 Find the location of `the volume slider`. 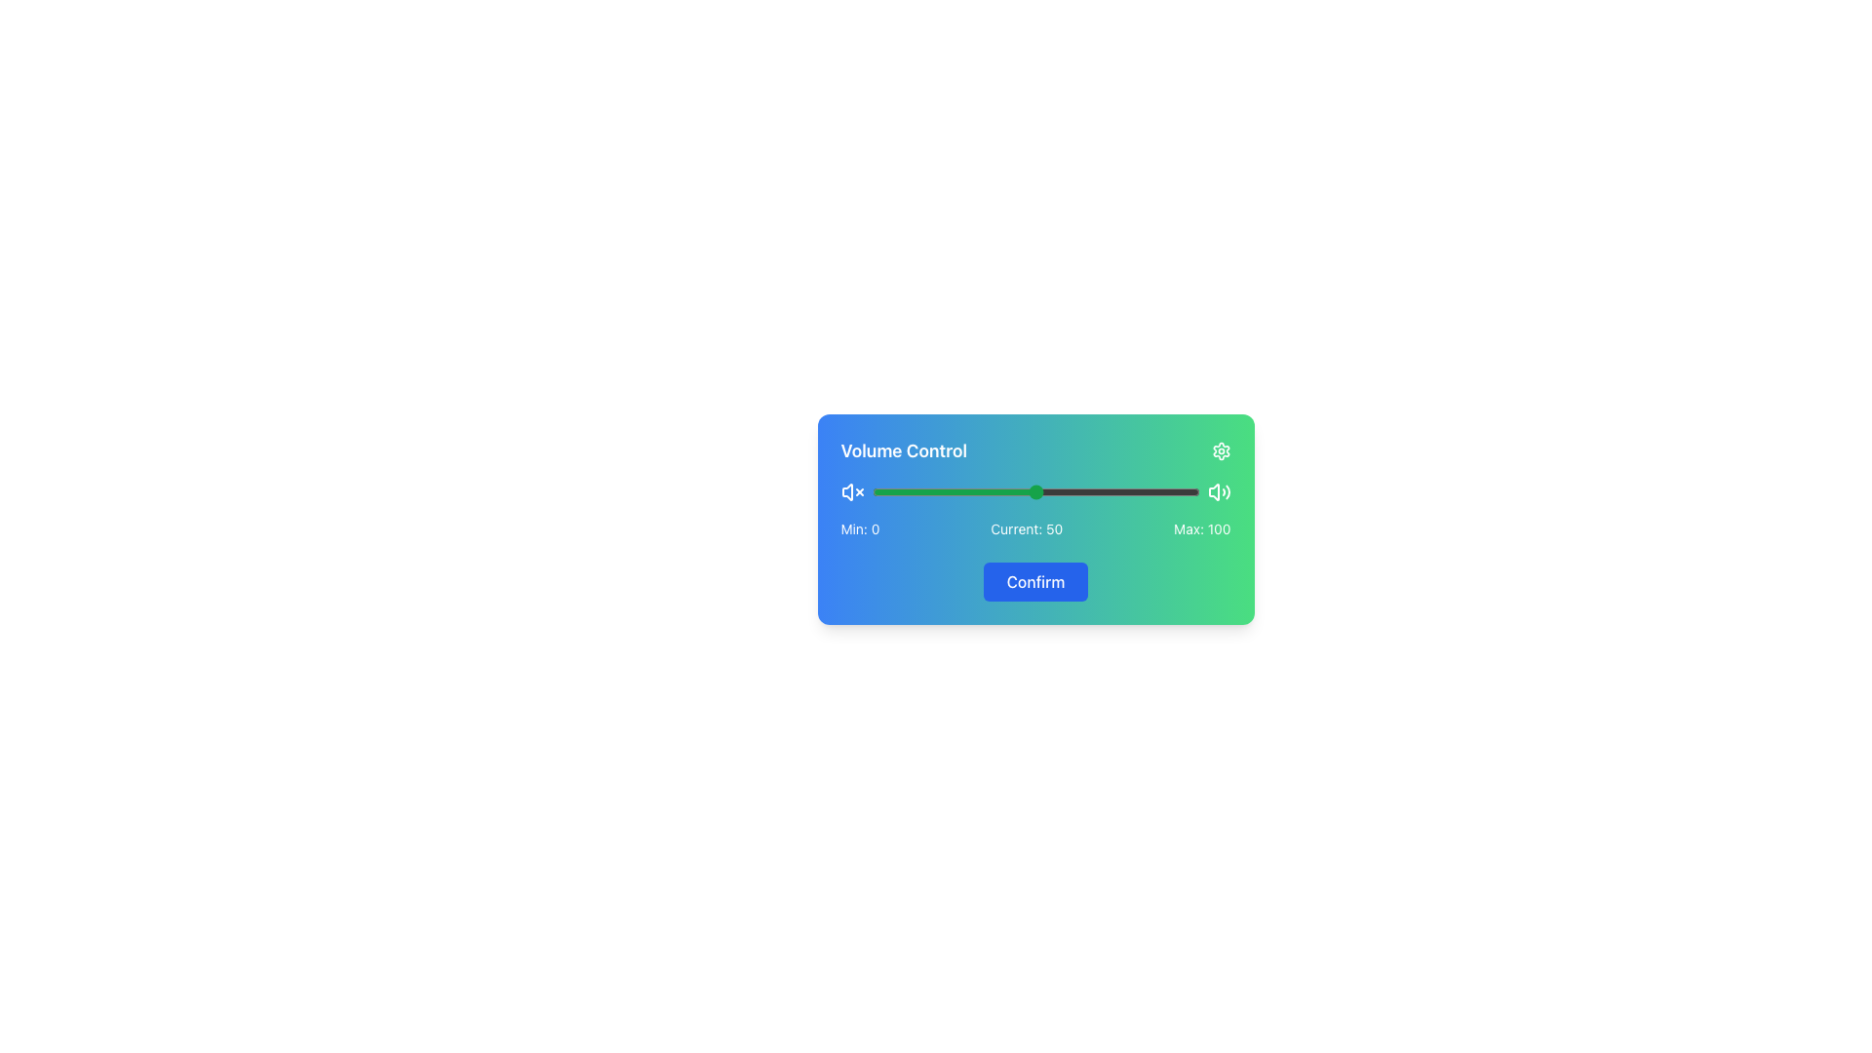

the volume slider is located at coordinates (1028, 491).